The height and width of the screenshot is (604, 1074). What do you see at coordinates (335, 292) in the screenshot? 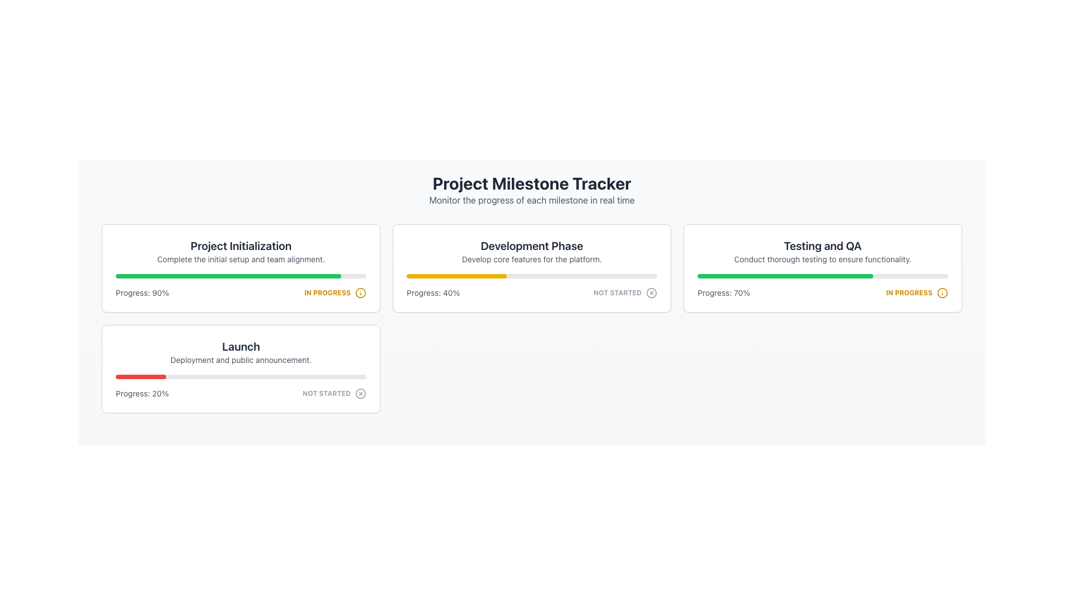
I see `the 'IN PROGRESS' label with the accompanying 'i' icon located in the 'Progress: 90%' section of the 'Project Initialization' card` at bounding box center [335, 292].